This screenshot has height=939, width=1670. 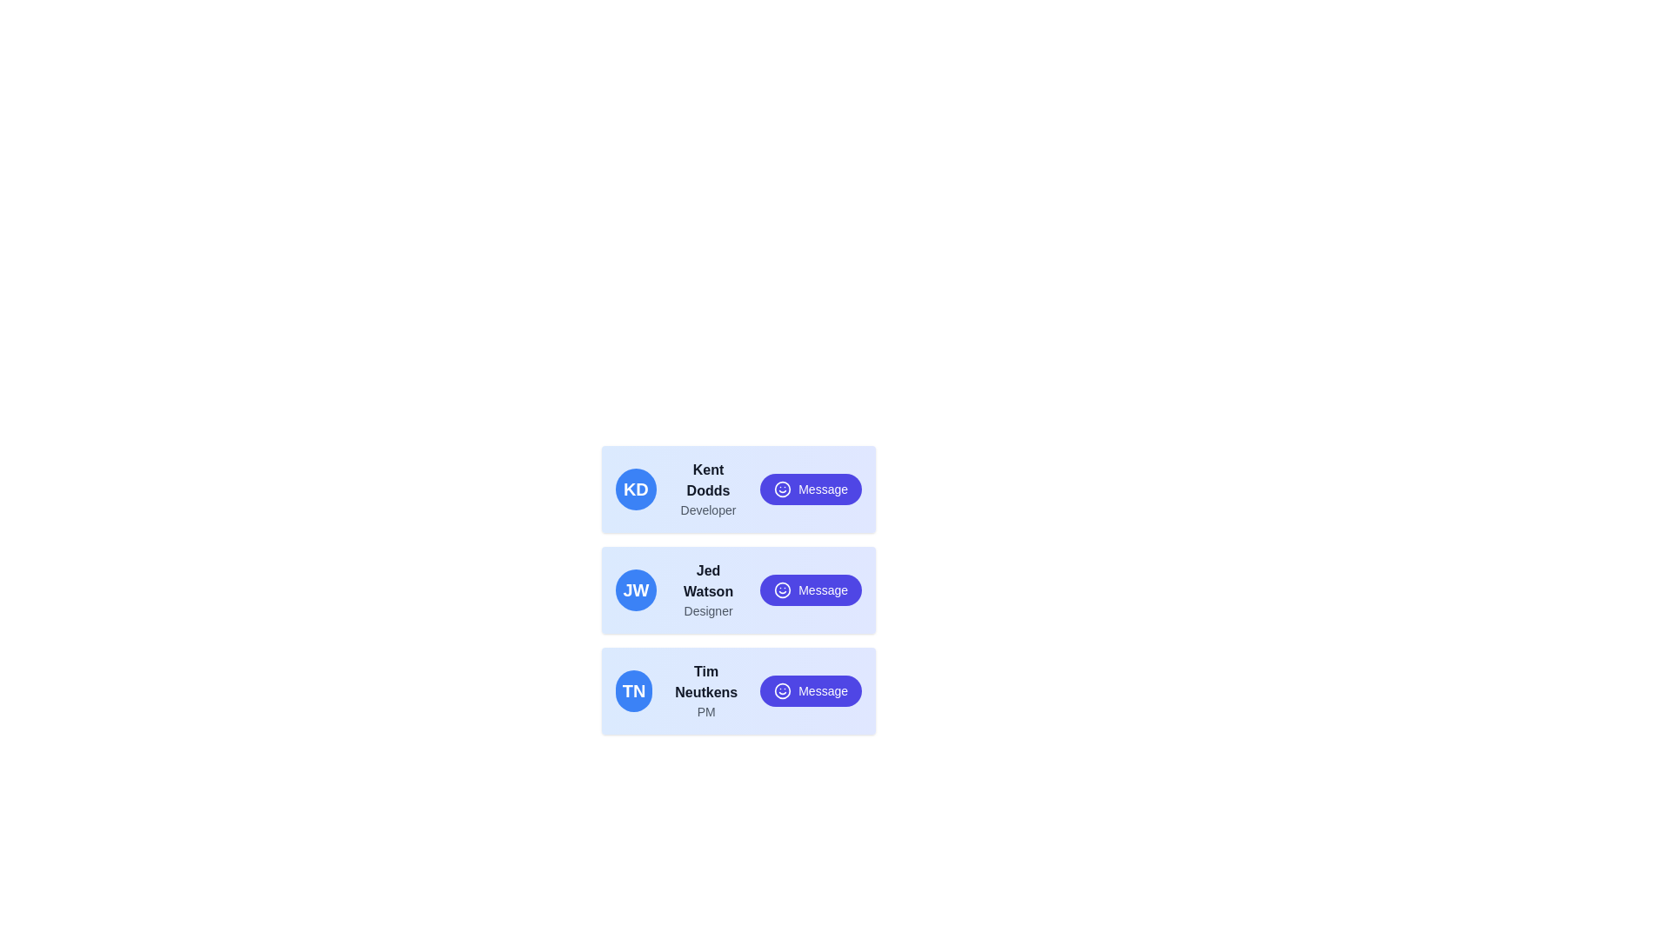 What do you see at coordinates (810, 489) in the screenshot?
I see `the rightmost button in the card for user 'Kent Dodds' to initiate a messaging interaction` at bounding box center [810, 489].